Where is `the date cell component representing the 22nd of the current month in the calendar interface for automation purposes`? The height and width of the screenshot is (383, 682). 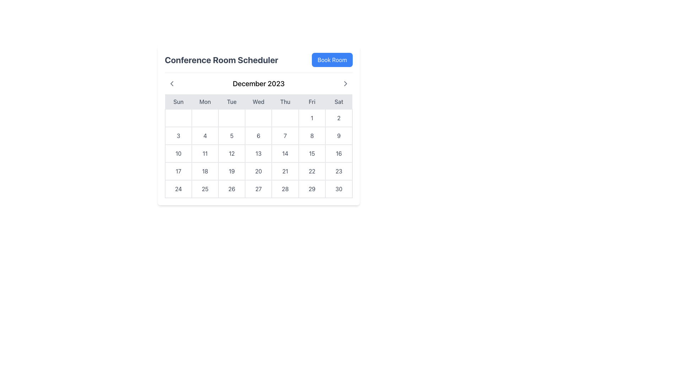 the date cell component representing the 22nd of the current month in the calendar interface for automation purposes is located at coordinates (312, 171).